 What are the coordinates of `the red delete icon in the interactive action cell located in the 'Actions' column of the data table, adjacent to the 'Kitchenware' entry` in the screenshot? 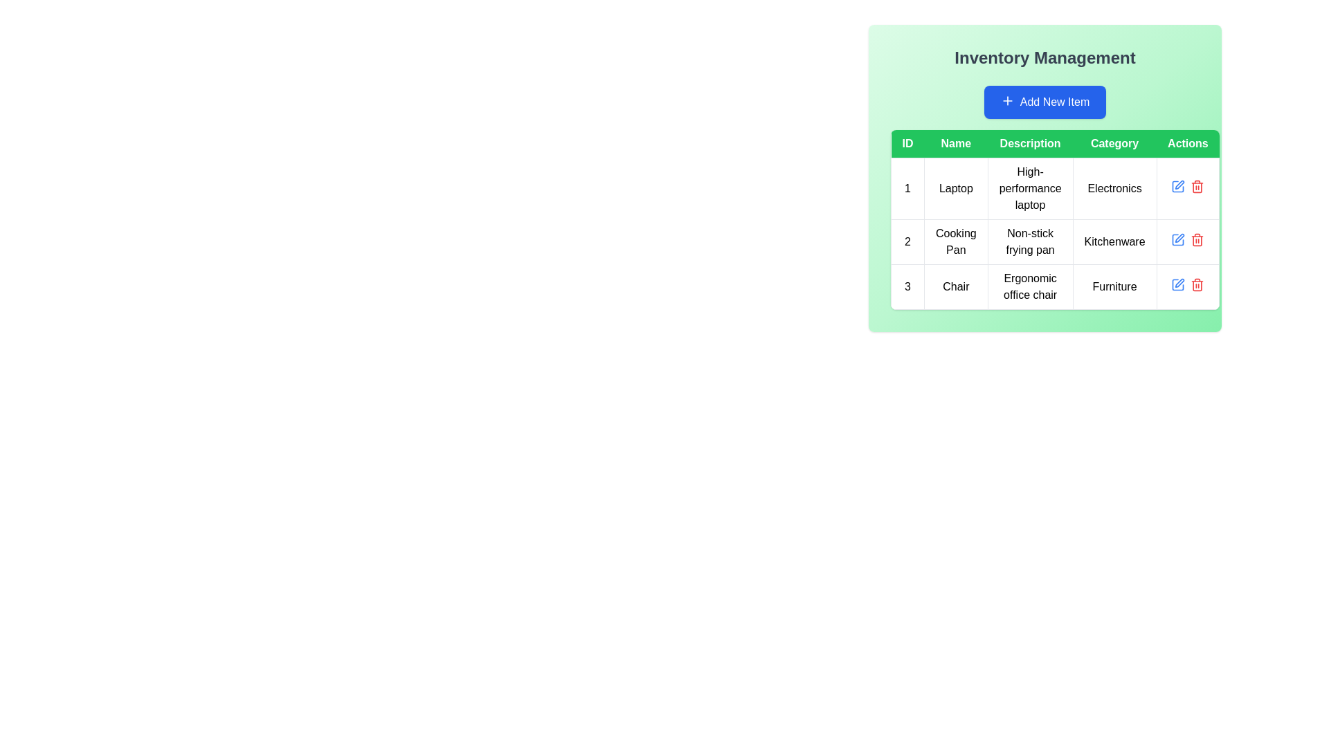 It's located at (1187, 241).